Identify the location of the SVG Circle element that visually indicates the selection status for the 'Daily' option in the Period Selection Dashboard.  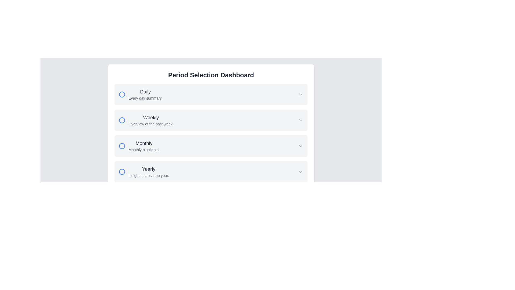
(122, 94).